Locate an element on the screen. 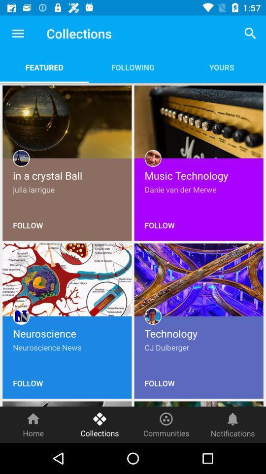  communities item is located at coordinates (166, 424).